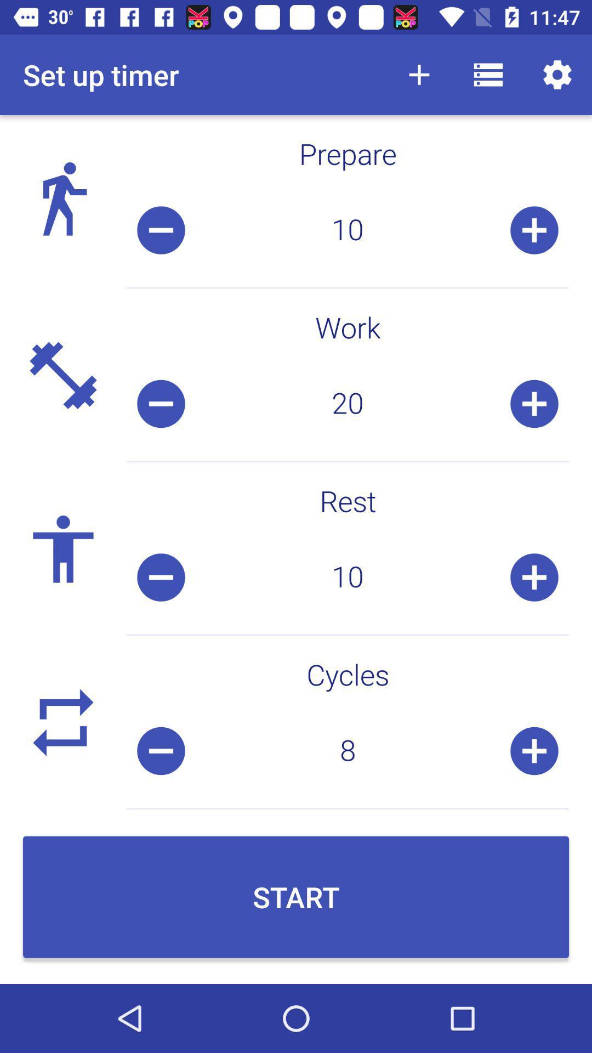 The image size is (592, 1053). Describe the element at coordinates (348, 750) in the screenshot. I see `icon above start item` at that location.